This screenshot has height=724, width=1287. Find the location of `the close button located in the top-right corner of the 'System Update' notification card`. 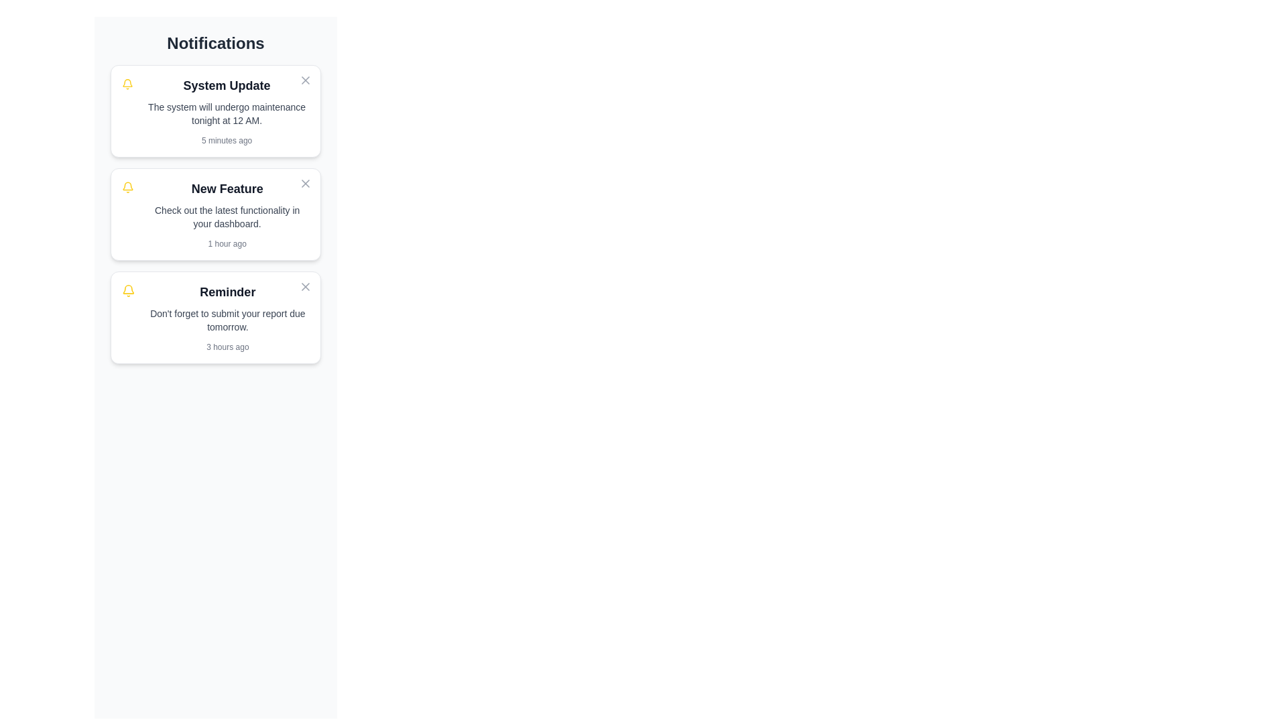

the close button located in the top-right corner of the 'System Update' notification card is located at coordinates (305, 80).